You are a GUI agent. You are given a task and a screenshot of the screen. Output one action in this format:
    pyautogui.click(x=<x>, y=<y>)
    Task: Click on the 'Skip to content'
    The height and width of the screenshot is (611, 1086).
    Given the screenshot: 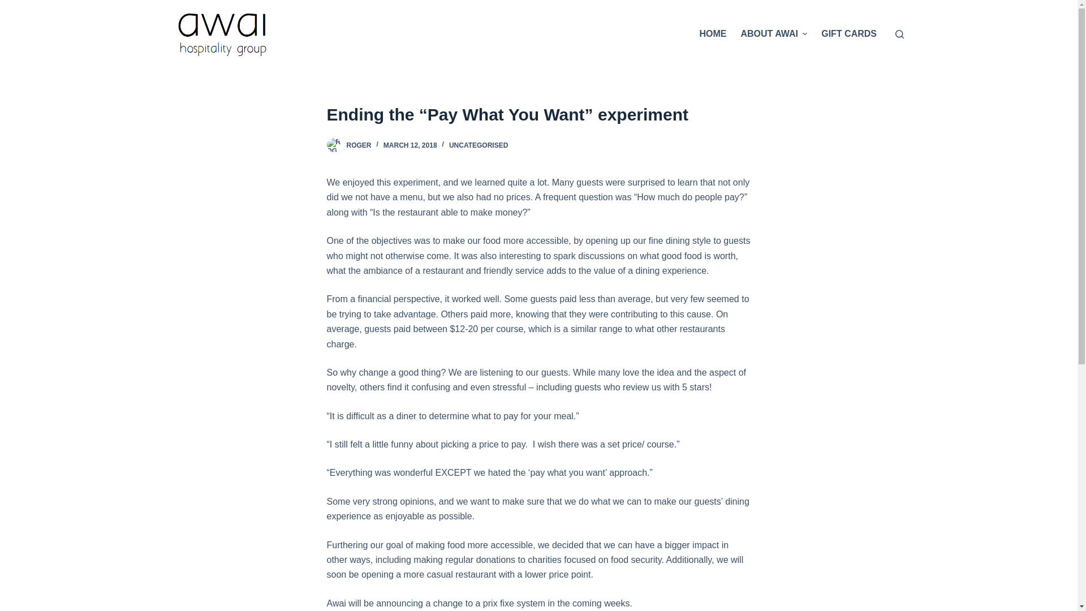 What is the action you would take?
    pyautogui.click(x=11, y=6)
    